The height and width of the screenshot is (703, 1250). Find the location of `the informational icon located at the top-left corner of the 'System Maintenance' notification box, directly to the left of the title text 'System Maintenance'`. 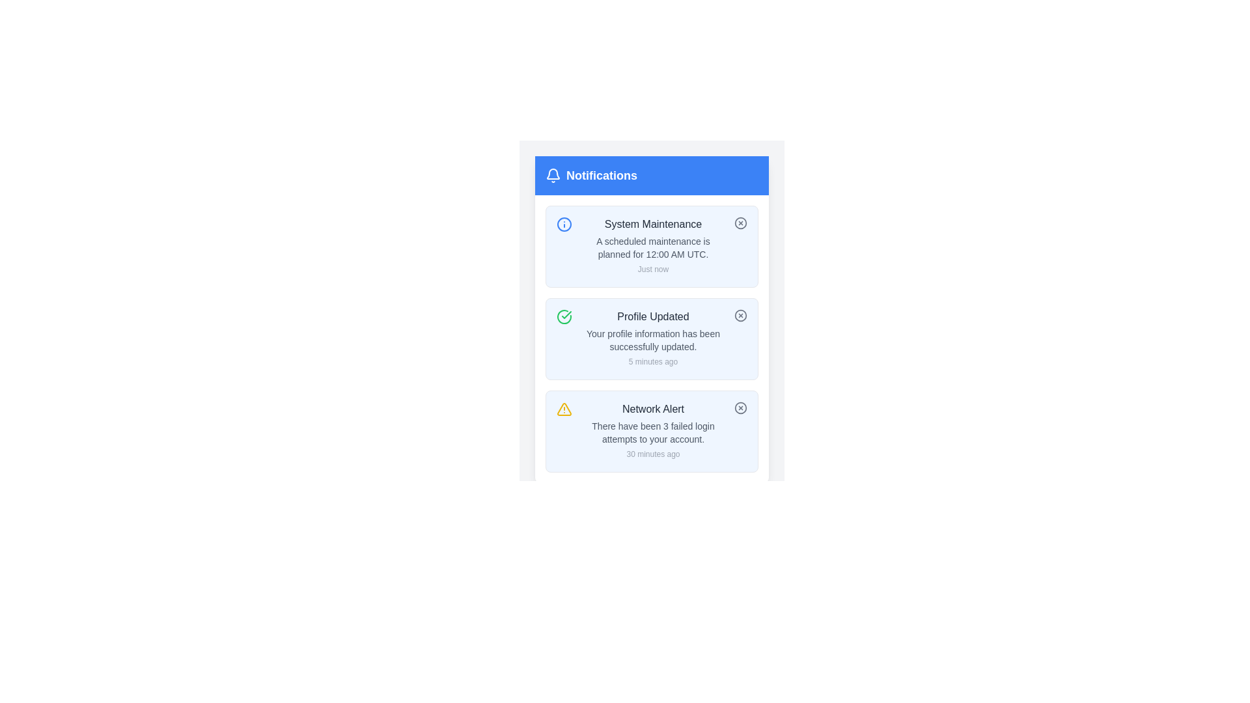

the informational icon located at the top-left corner of the 'System Maintenance' notification box, directly to the left of the title text 'System Maintenance' is located at coordinates (564, 223).